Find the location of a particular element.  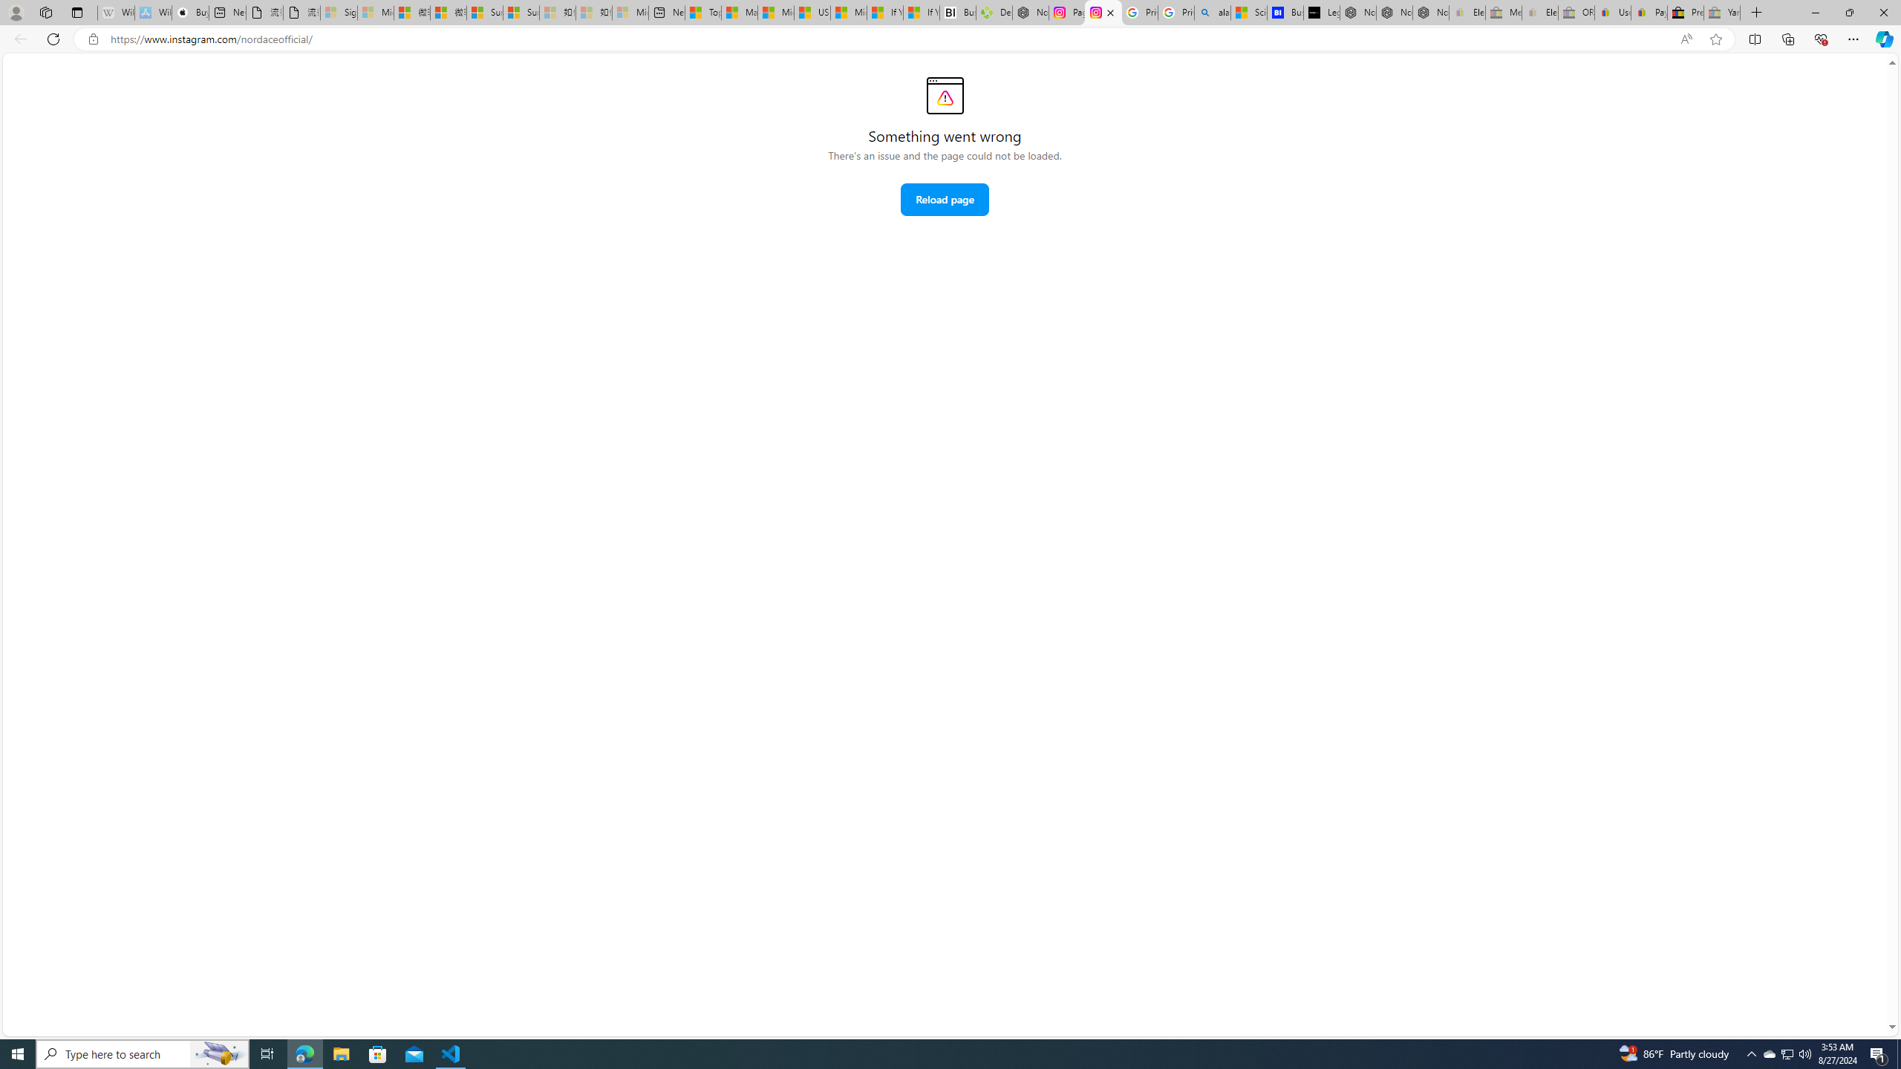

'Top Stories - MSN' is located at coordinates (702, 12).